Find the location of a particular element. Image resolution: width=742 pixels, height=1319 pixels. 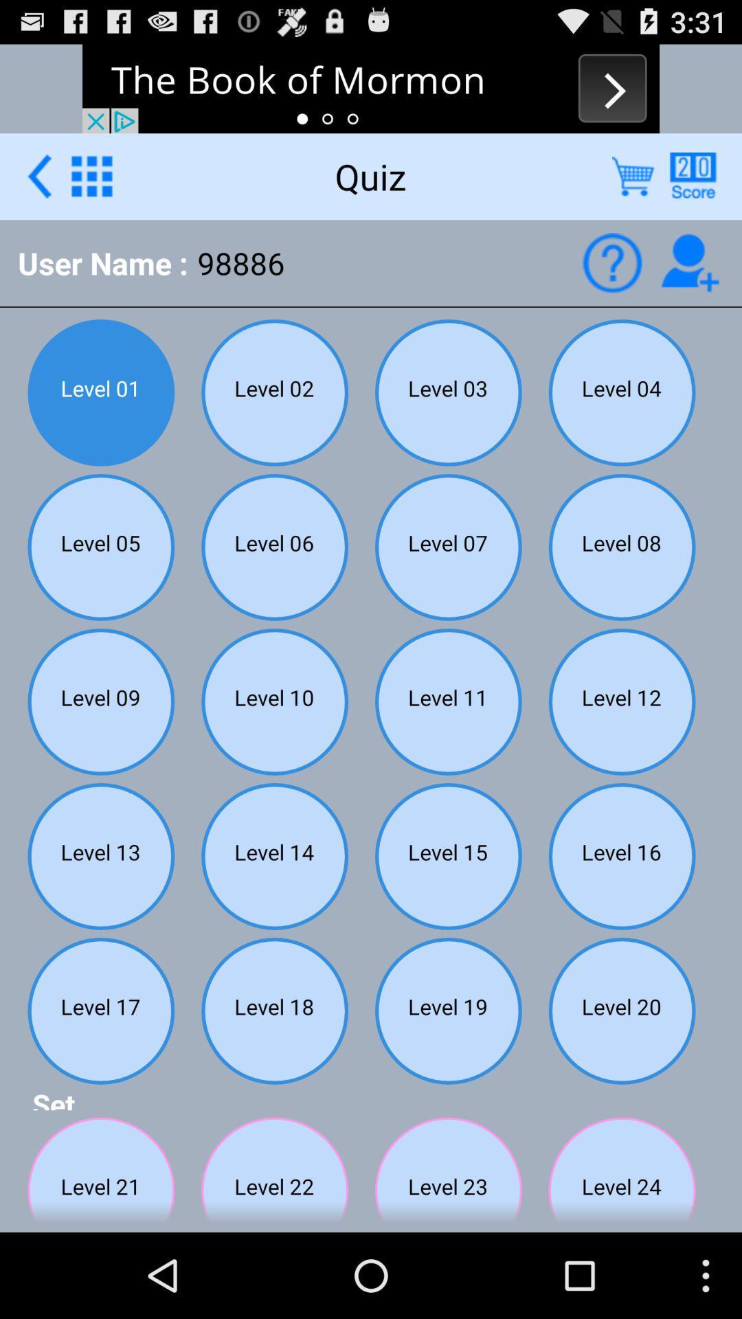

previous is located at coordinates (38, 175).